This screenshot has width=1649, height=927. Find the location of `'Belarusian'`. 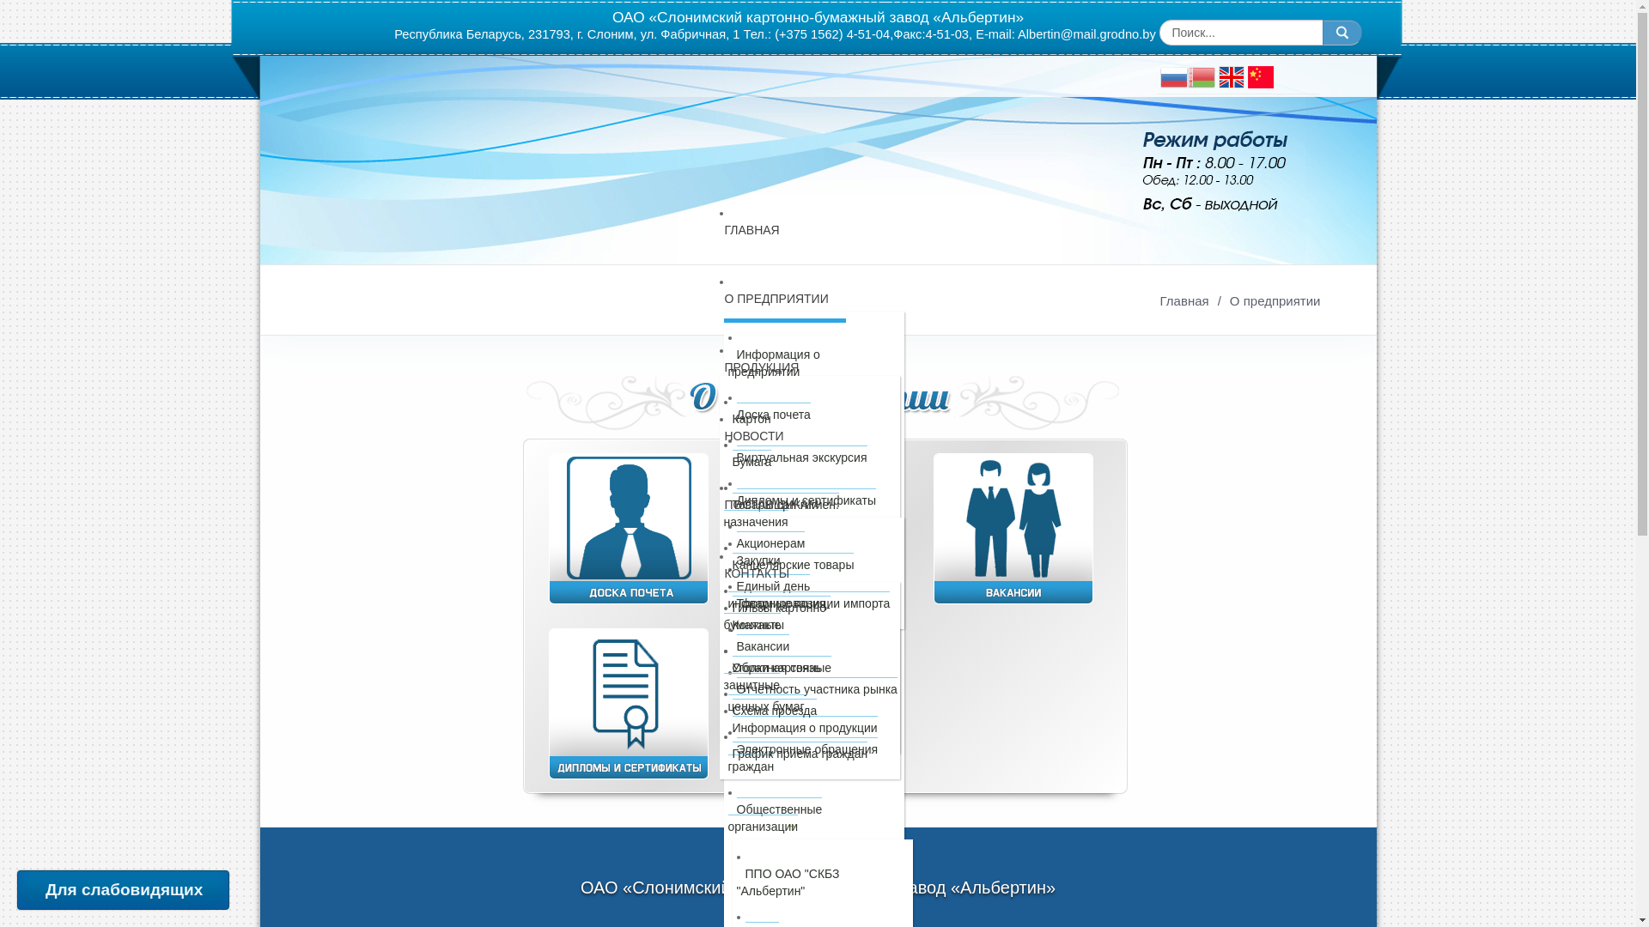

'Belarusian' is located at coordinates (1186, 75).